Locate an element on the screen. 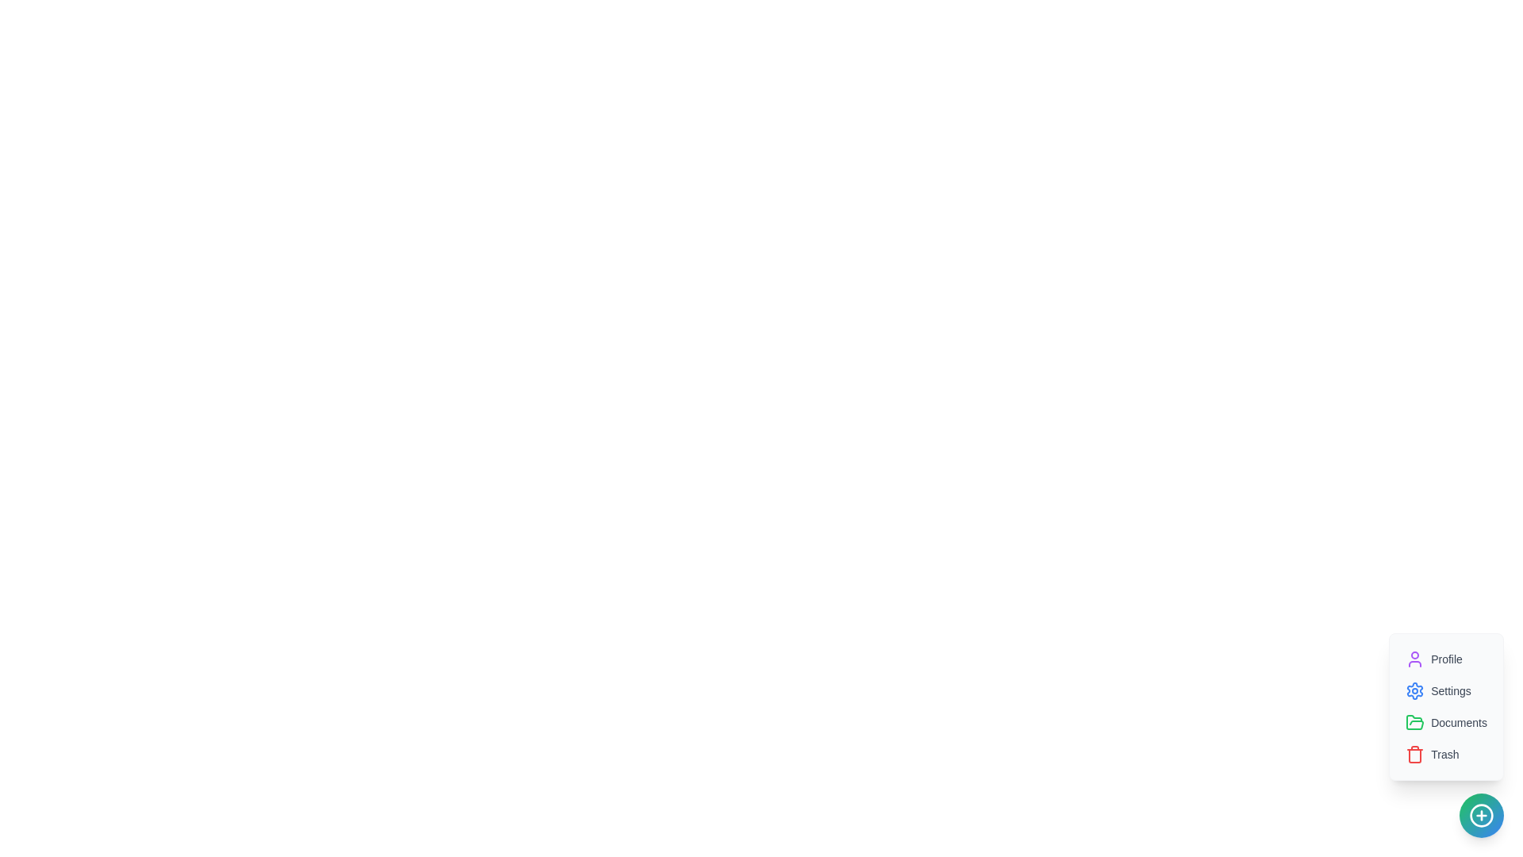 The image size is (1523, 857). the 'Documents' option in the menu is located at coordinates (1446, 722).